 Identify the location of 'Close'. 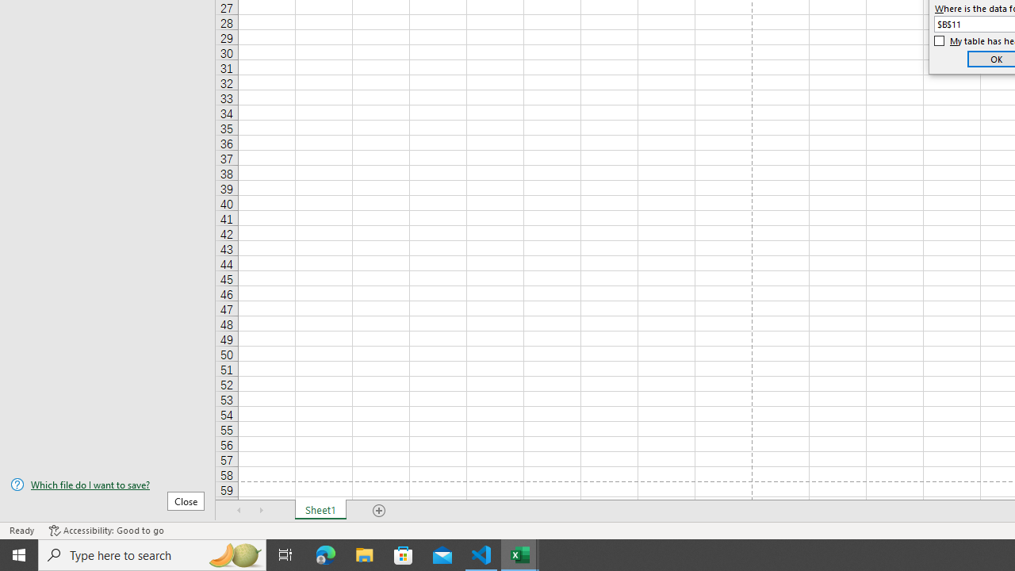
(186, 500).